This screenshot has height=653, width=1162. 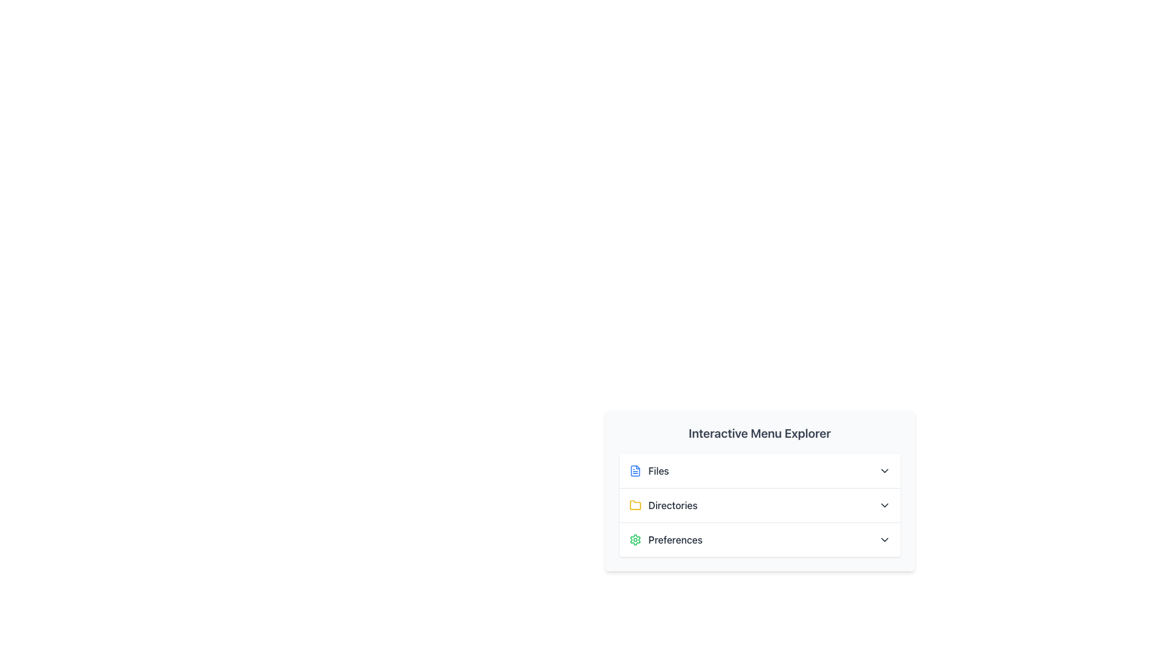 I want to click on the third text label in the 'Interactive Menu Explorer' section, so click(x=675, y=539).